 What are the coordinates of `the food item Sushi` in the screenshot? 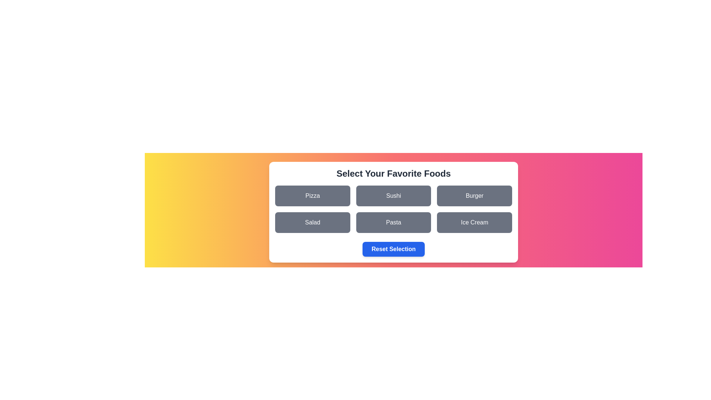 It's located at (393, 195).